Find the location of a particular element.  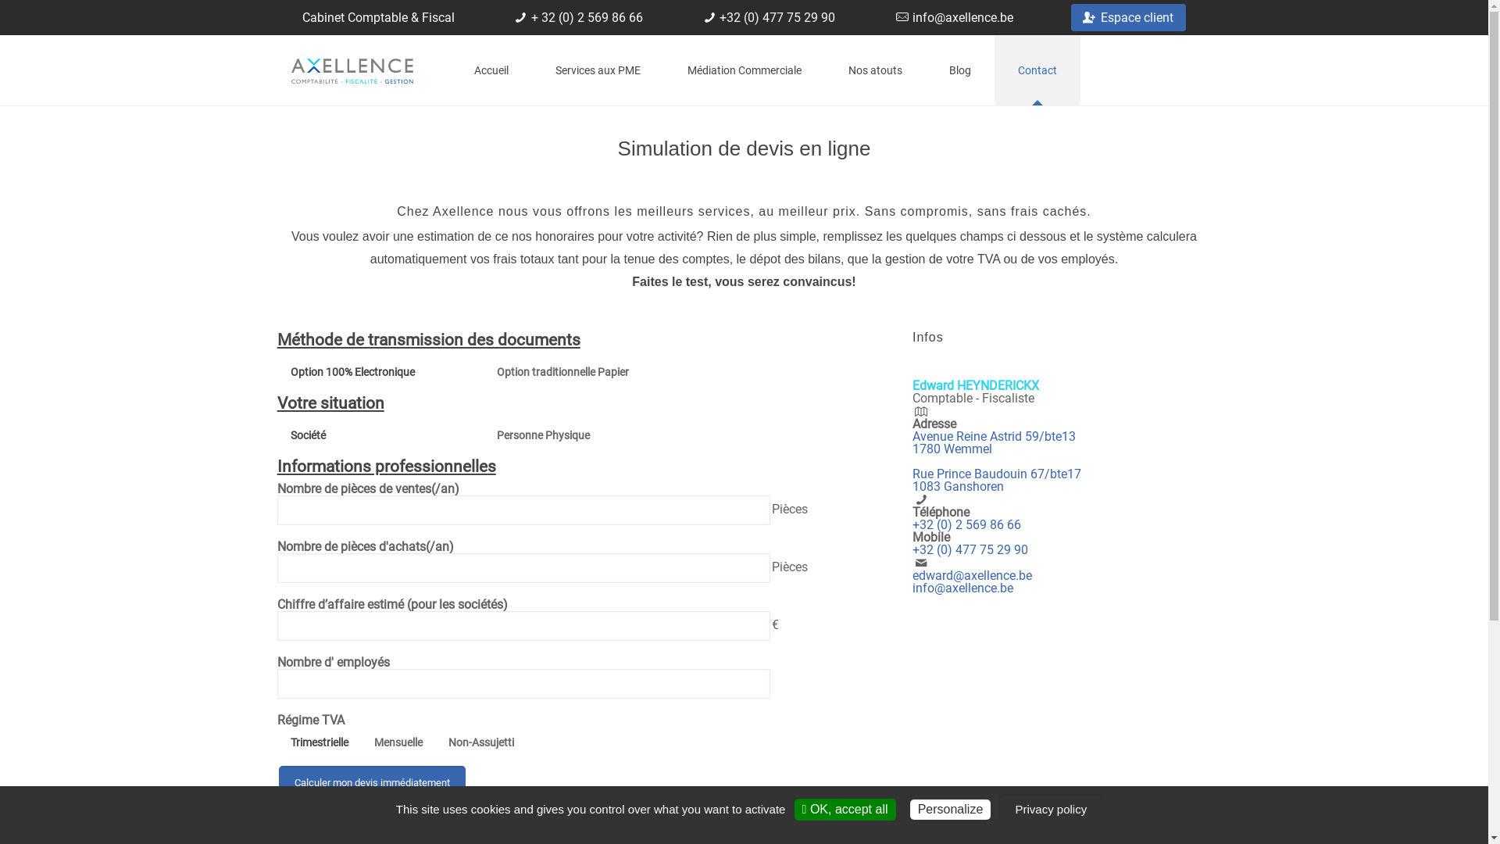

'Services aux PME' is located at coordinates (596, 69).